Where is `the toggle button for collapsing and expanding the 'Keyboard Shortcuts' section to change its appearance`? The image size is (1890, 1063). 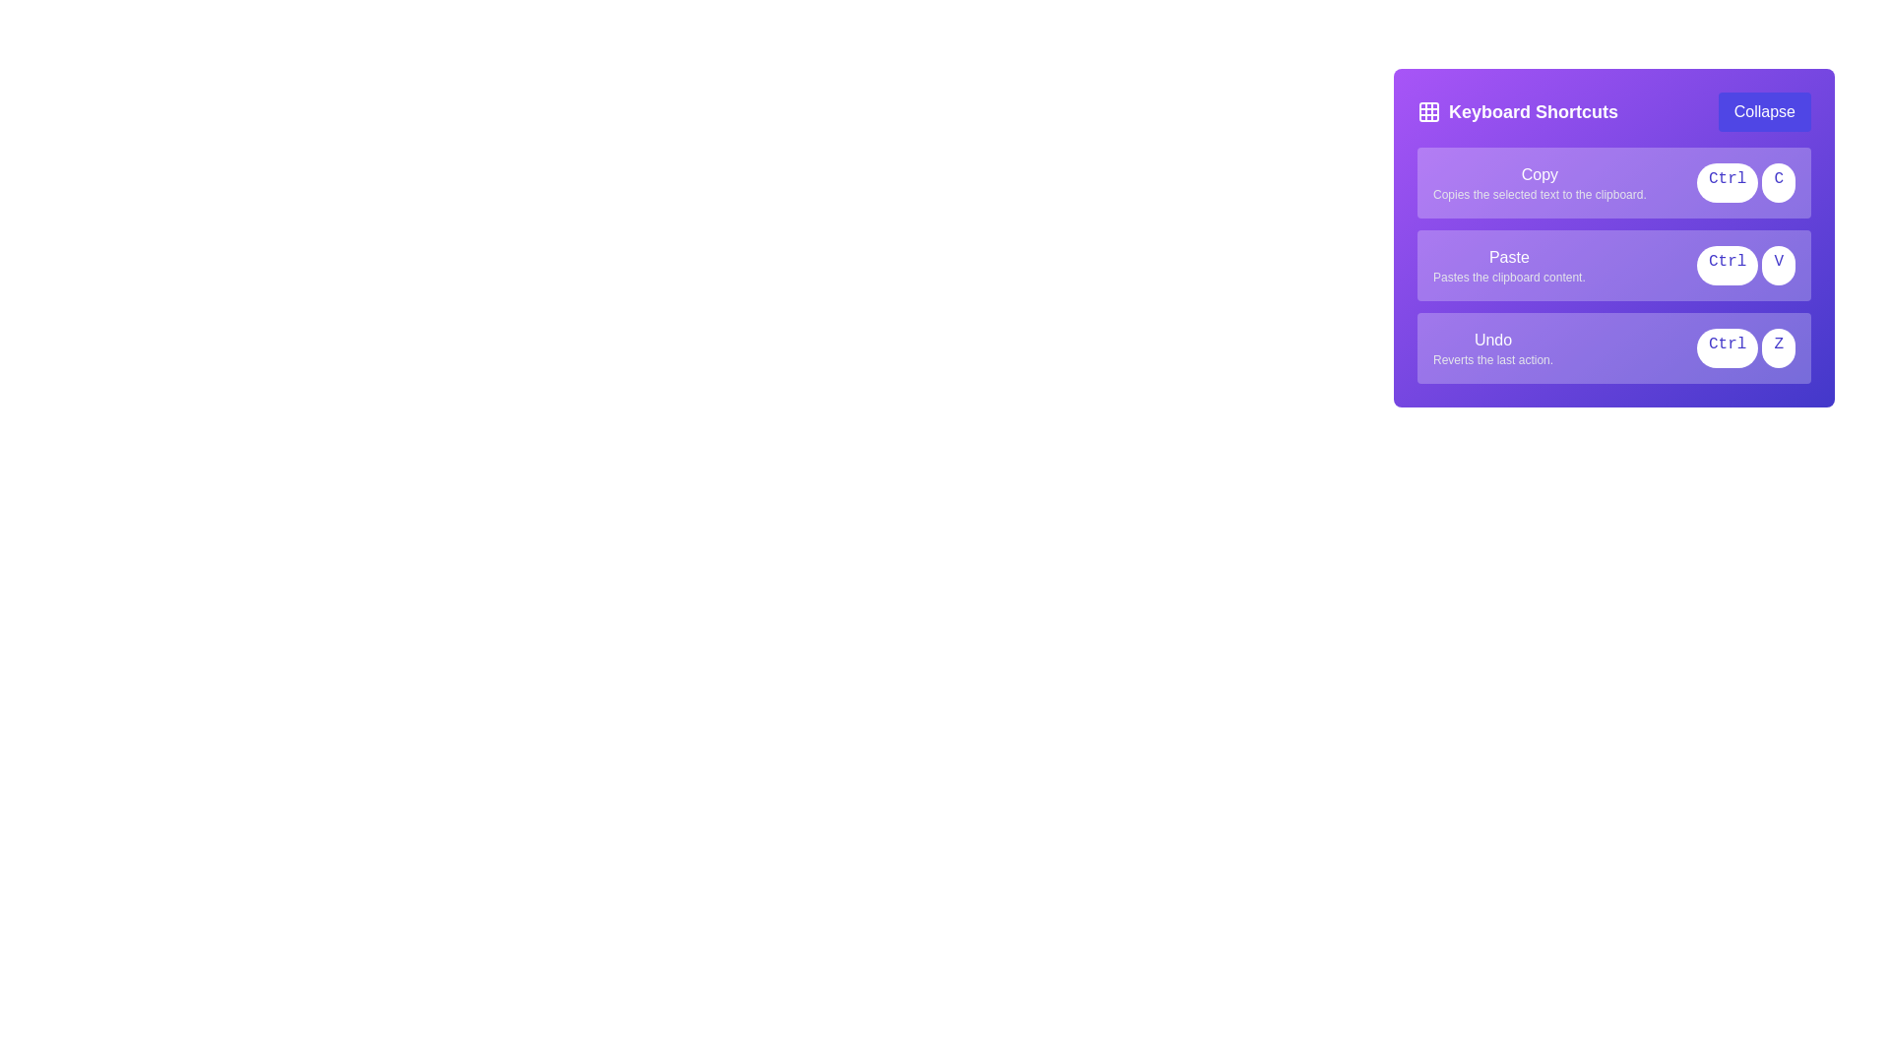
the toggle button for collapsing and expanding the 'Keyboard Shortcuts' section to change its appearance is located at coordinates (1764, 112).